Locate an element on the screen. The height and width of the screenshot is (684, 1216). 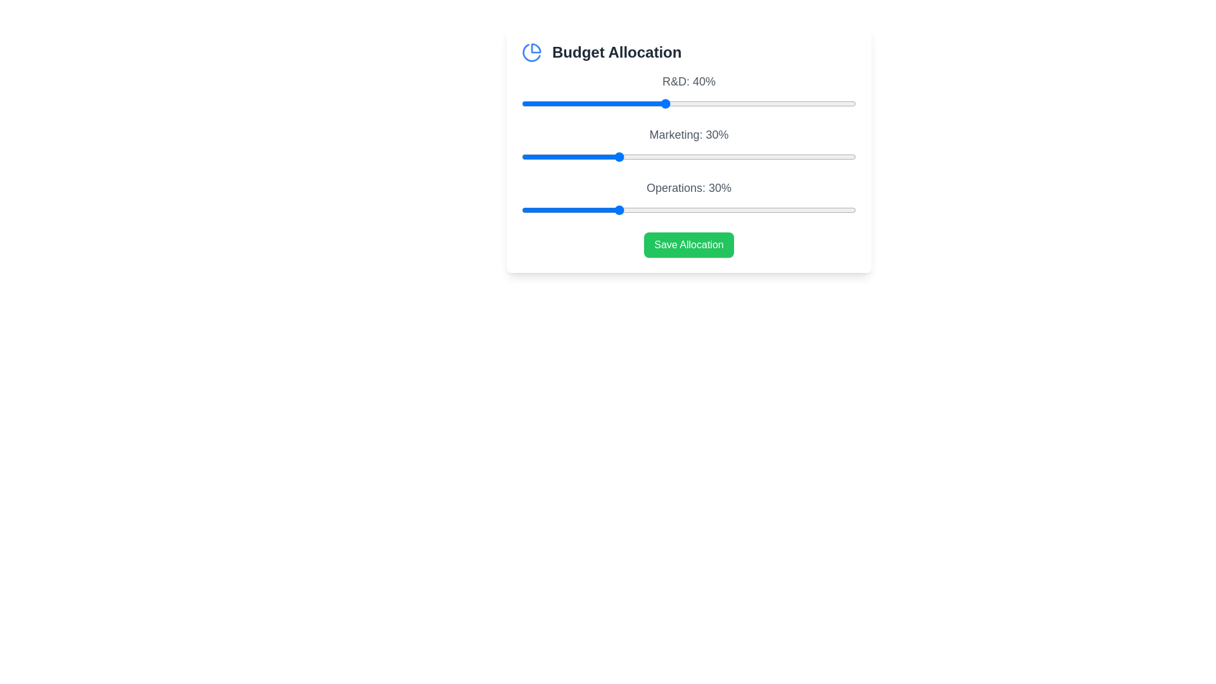
the 'Save Allocation' button is located at coordinates (688, 244).